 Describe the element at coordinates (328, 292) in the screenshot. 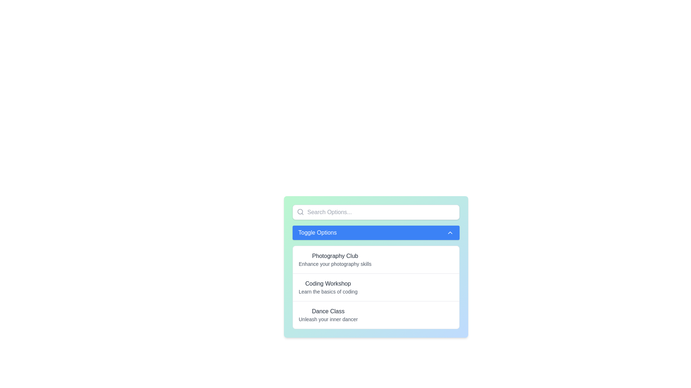

I see `informative text label providing a brief overview of the associated item 'Coding Workshop', which is the second text in a vertical list interface` at that location.